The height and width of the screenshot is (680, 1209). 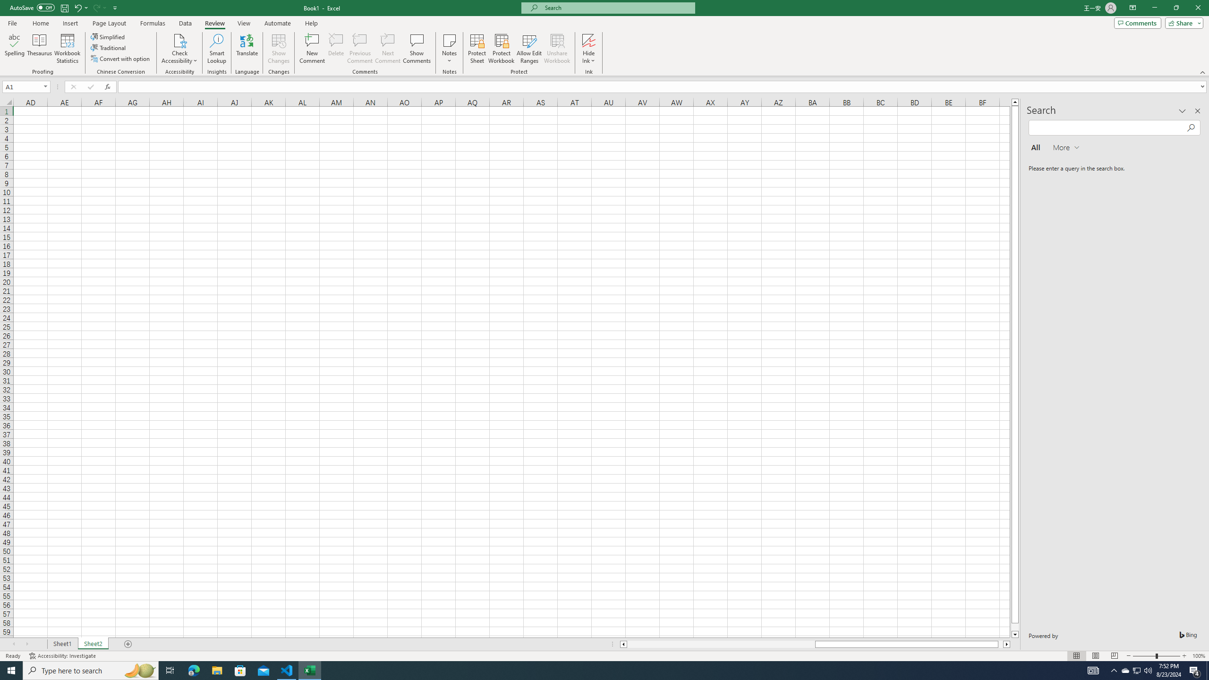 What do you see at coordinates (93, 644) in the screenshot?
I see `'Sheet2'` at bounding box center [93, 644].